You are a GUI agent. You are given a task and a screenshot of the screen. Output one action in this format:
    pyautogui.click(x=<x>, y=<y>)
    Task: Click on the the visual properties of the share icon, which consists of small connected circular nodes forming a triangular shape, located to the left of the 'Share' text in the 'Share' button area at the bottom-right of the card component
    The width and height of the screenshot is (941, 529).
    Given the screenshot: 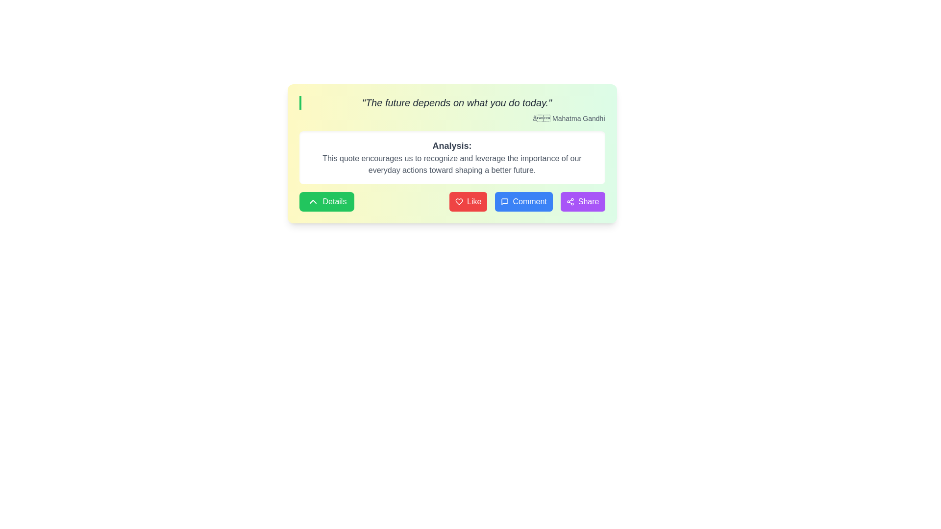 What is the action you would take?
    pyautogui.click(x=570, y=201)
    